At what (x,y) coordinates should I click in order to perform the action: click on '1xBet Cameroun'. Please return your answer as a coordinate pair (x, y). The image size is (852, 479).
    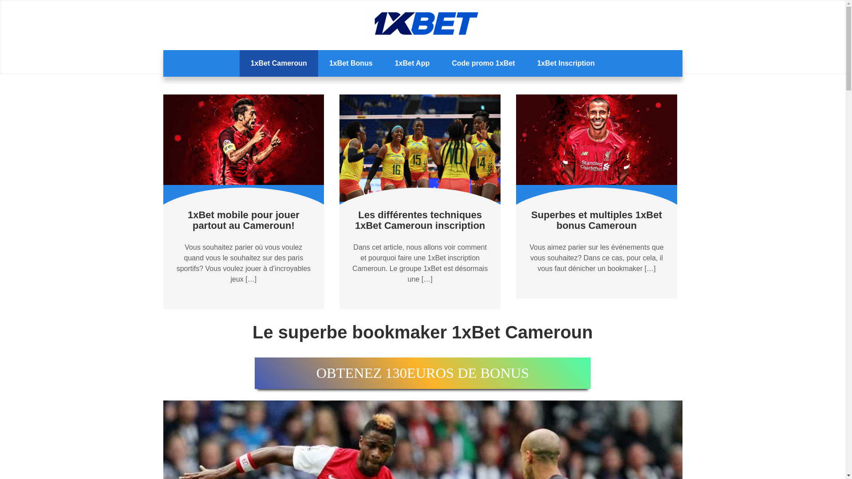
    Looking at the image, I should click on (278, 63).